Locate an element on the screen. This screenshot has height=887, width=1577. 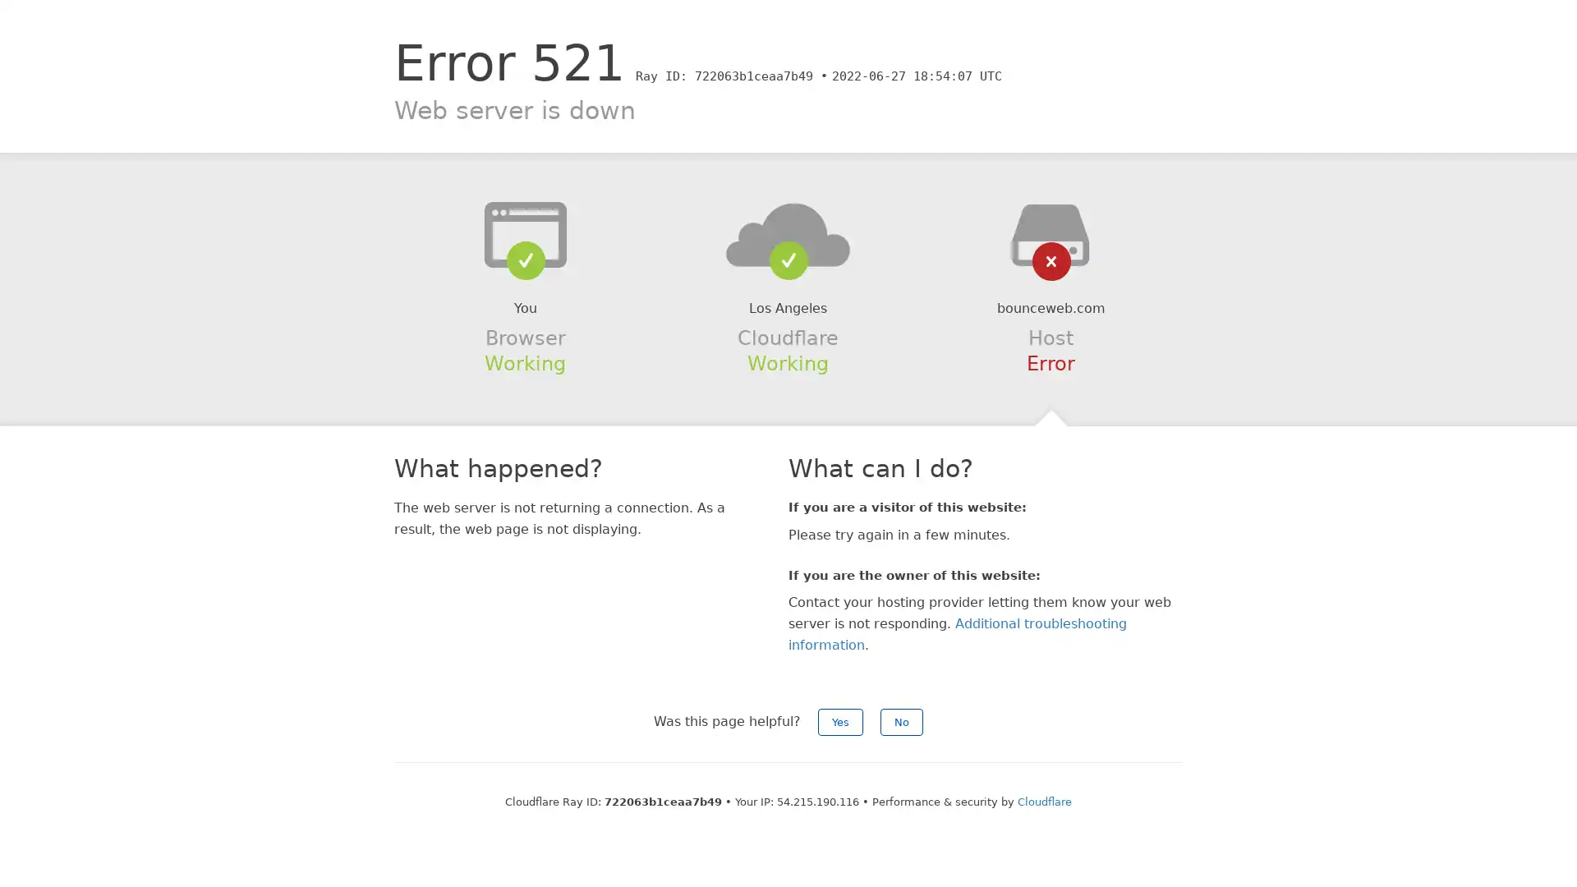
No is located at coordinates (901, 721).